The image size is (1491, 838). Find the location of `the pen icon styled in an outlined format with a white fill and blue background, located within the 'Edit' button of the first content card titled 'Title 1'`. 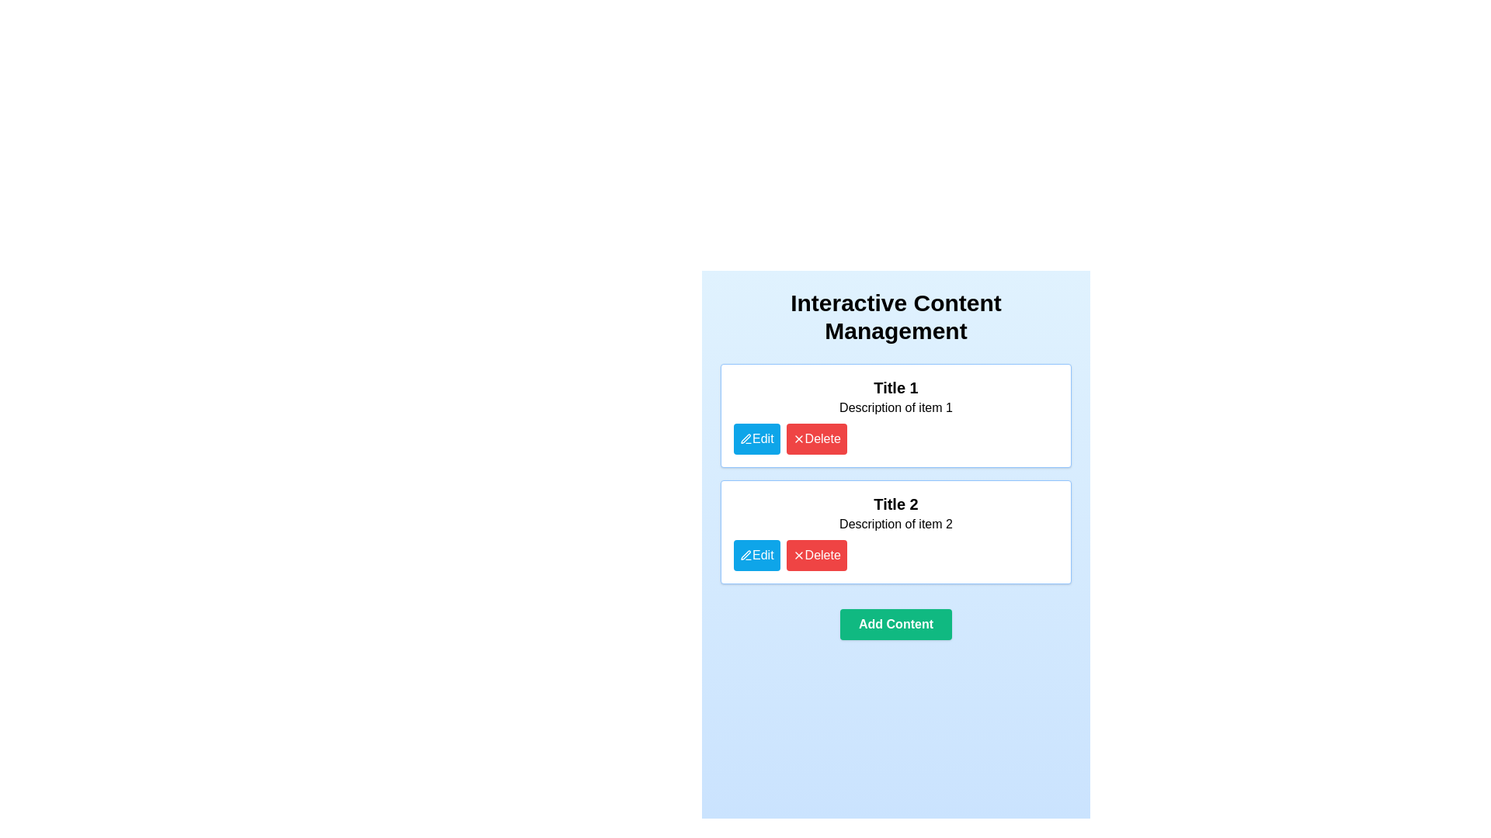

the pen icon styled in an outlined format with a white fill and blue background, located within the 'Edit' button of the first content card titled 'Title 1' is located at coordinates (745, 555).